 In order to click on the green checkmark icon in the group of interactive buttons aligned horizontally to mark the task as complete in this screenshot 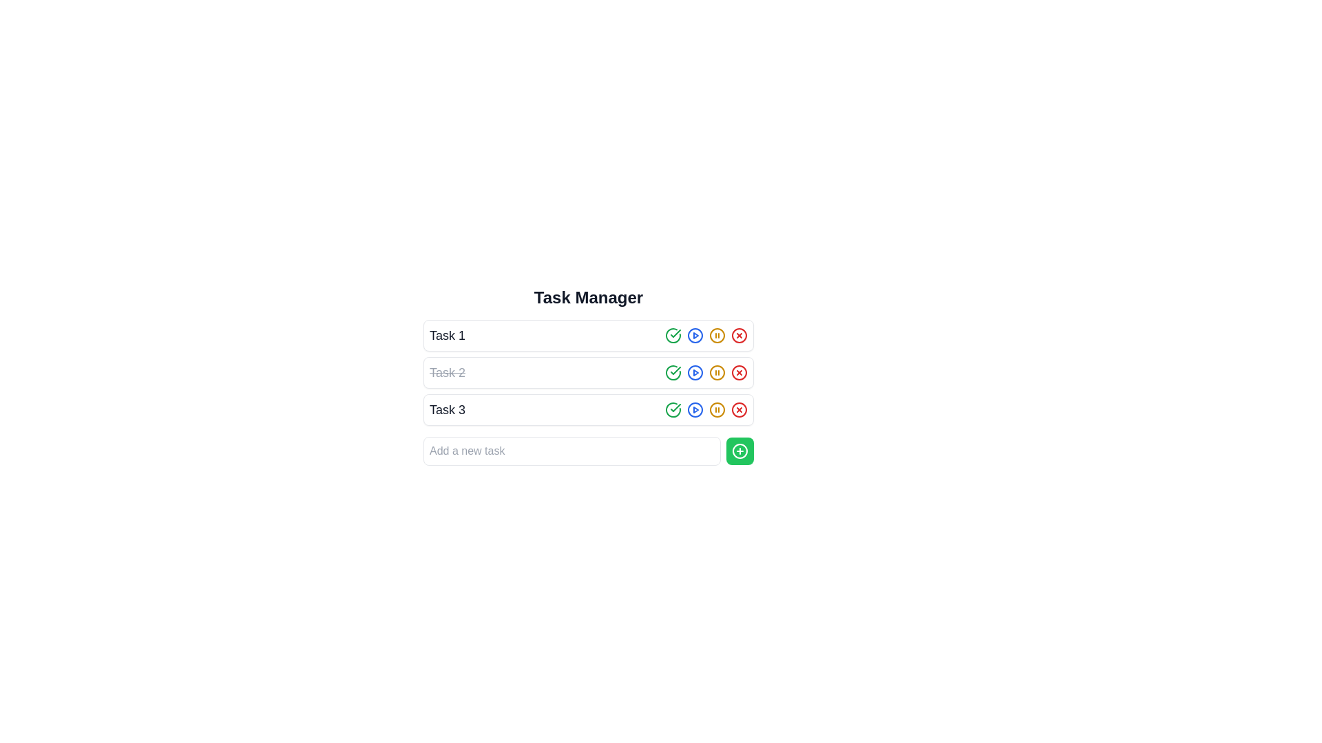, I will do `click(706, 409)`.